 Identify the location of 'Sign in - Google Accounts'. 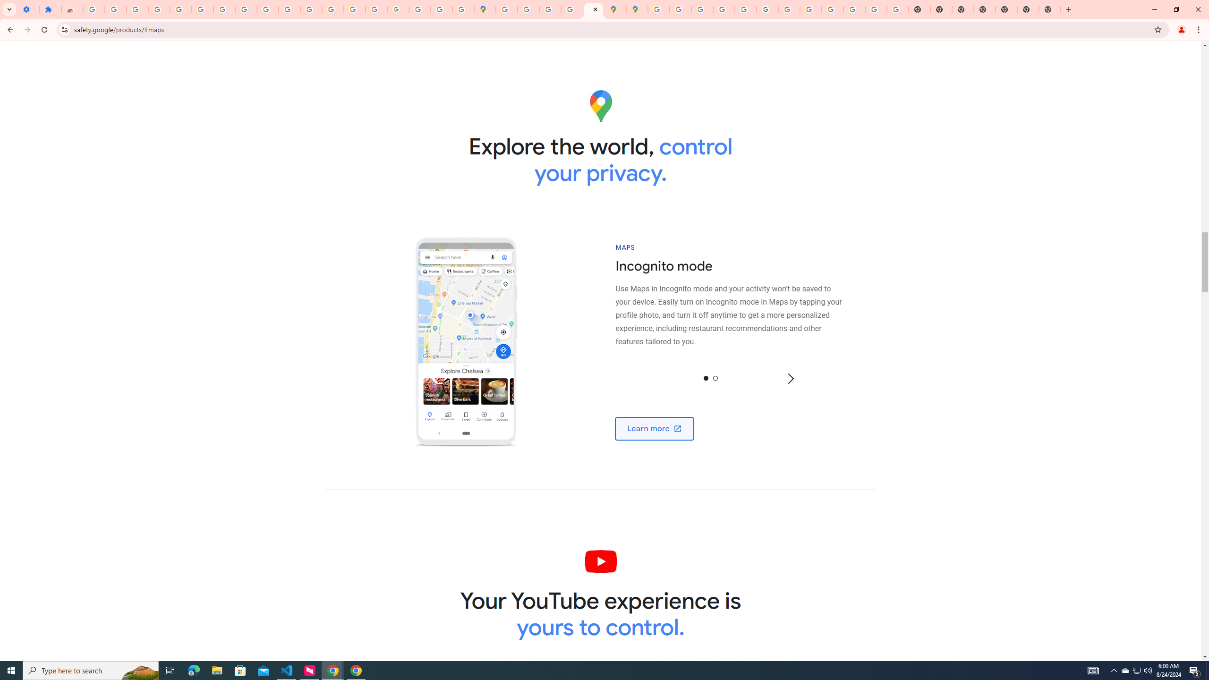
(202, 9).